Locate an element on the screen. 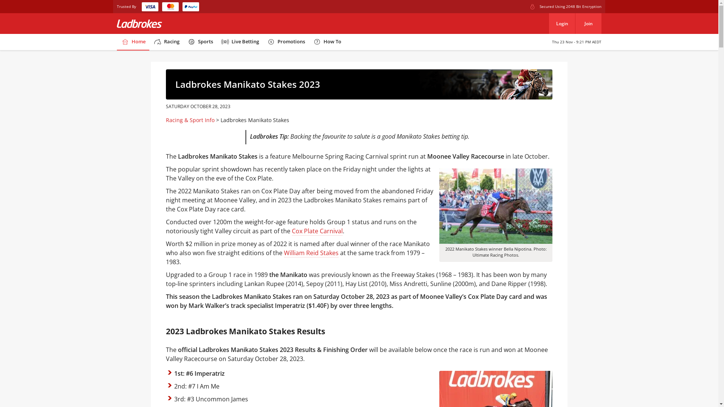  'How To' is located at coordinates (327, 42).